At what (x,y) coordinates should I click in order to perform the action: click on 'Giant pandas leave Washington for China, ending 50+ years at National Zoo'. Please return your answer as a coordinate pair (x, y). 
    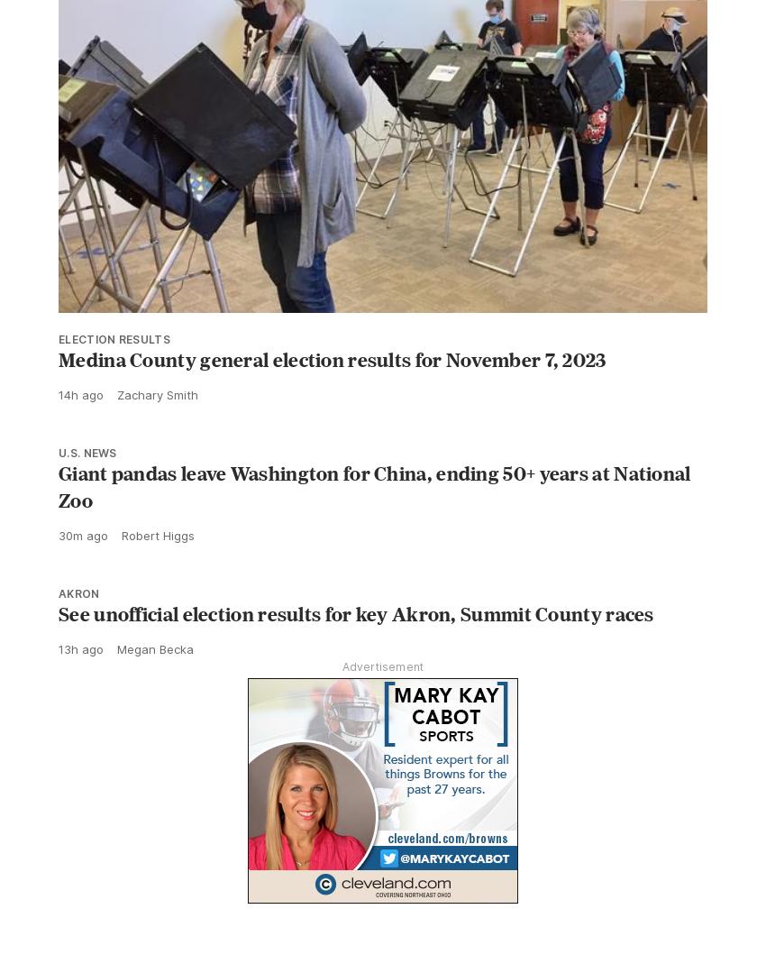
    Looking at the image, I should click on (374, 486).